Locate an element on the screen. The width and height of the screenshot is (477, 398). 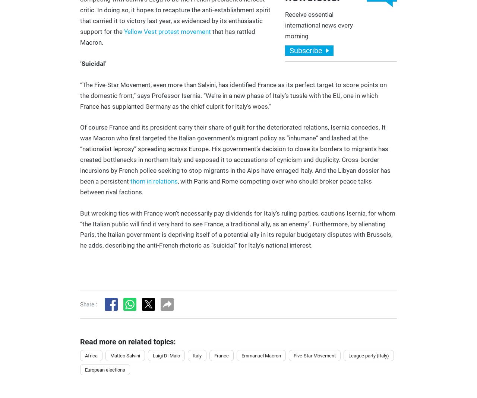
'France' is located at coordinates (221, 355).